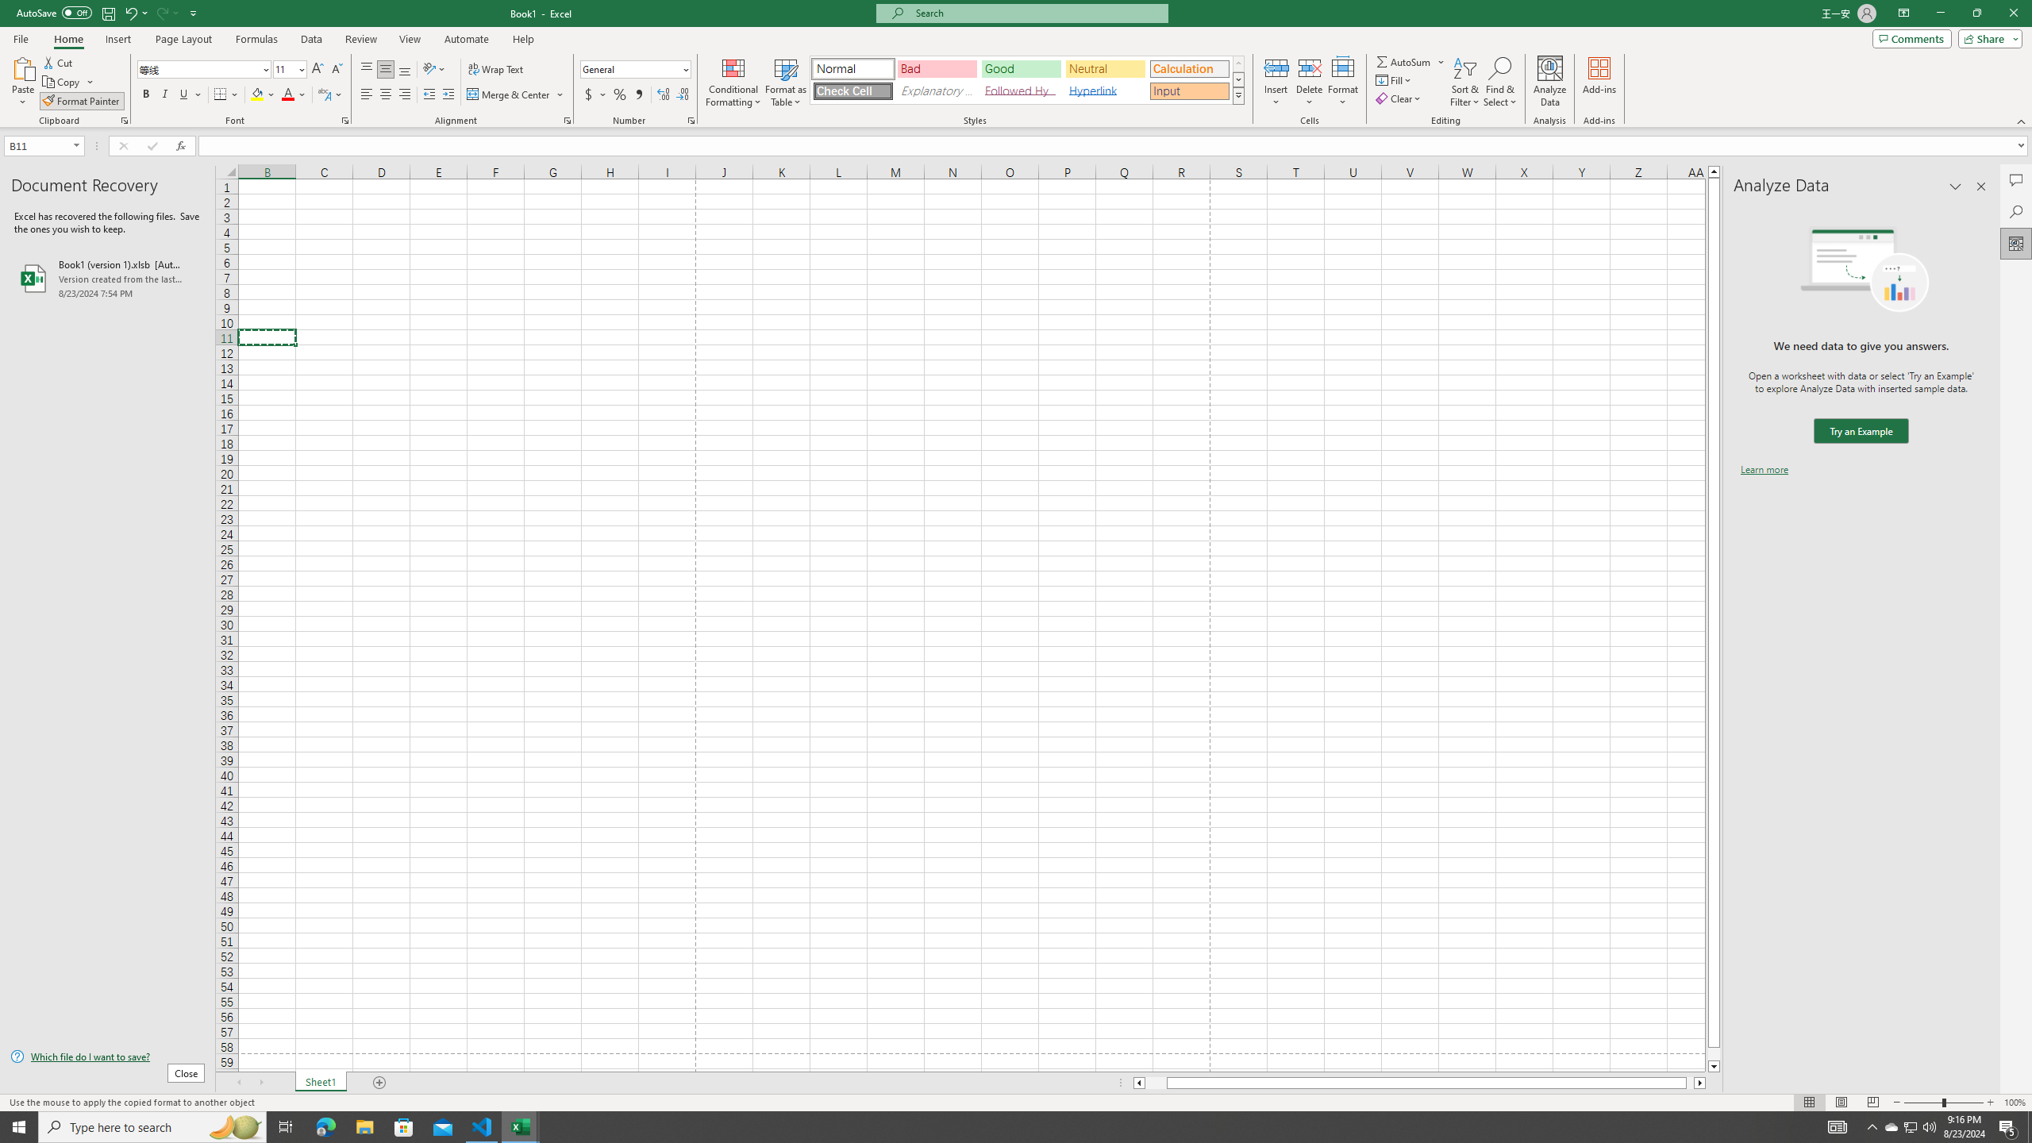 The height and width of the screenshot is (1143, 2032). What do you see at coordinates (385, 94) in the screenshot?
I see `'Center'` at bounding box center [385, 94].